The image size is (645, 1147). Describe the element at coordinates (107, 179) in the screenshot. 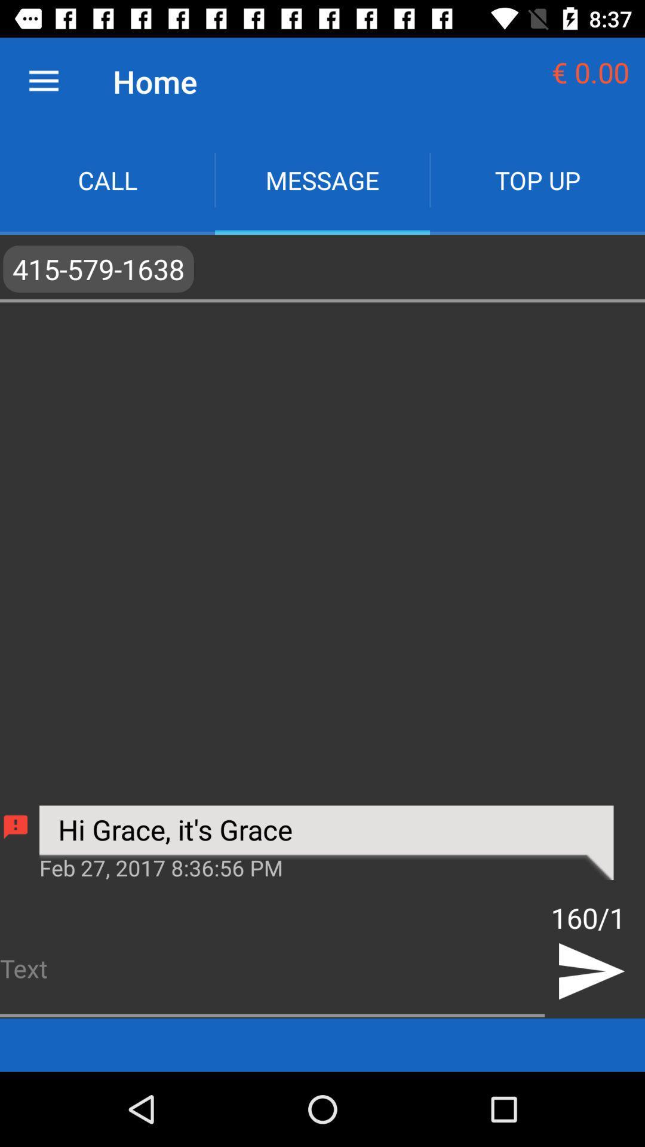

I see `the icon to the left of the message icon` at that location.